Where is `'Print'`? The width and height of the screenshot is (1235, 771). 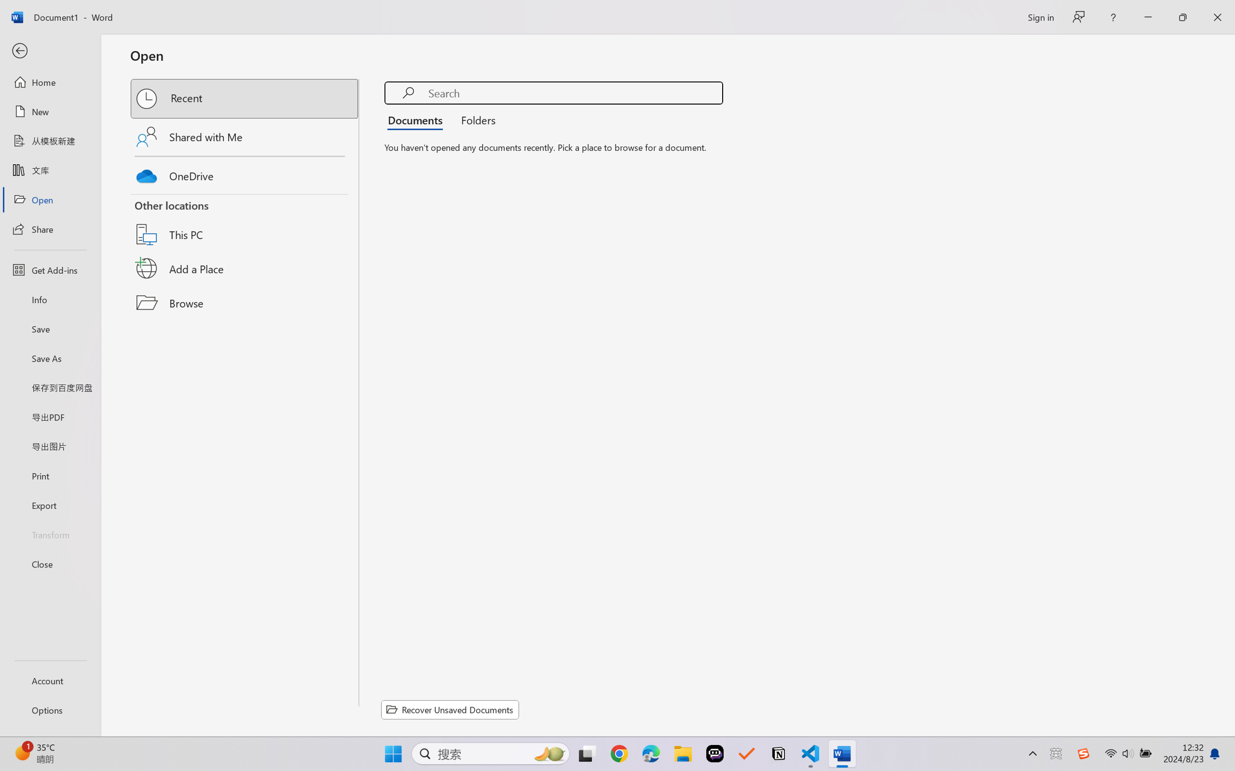 'Print' is located at coordinates (50, 476).